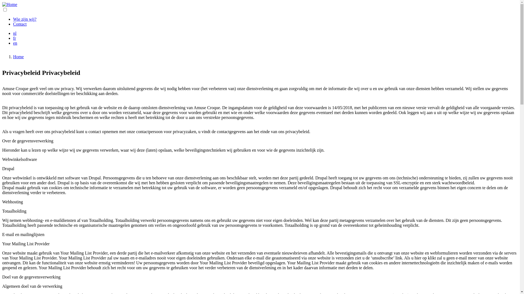 This screenshot has height=294, width=524. What do you see at coordinates (18, 57) in the screenshot?
I see `'Home'` at bounding box center [18, 57].